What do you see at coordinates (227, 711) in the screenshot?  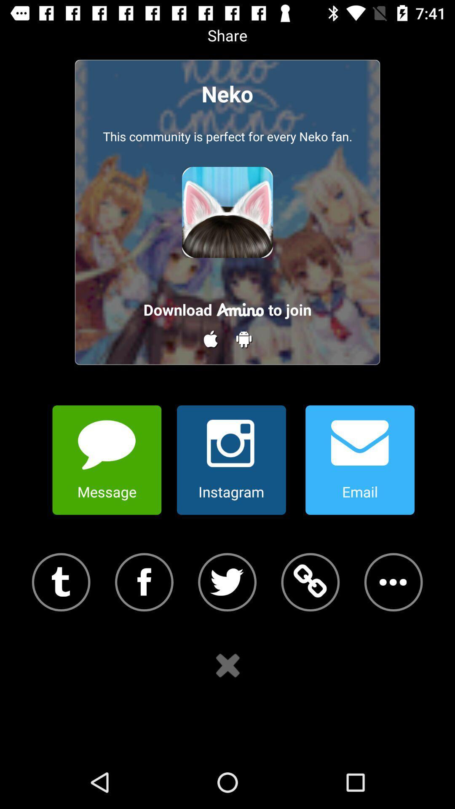 I see `the close icon` at bounding box center [227, 711].